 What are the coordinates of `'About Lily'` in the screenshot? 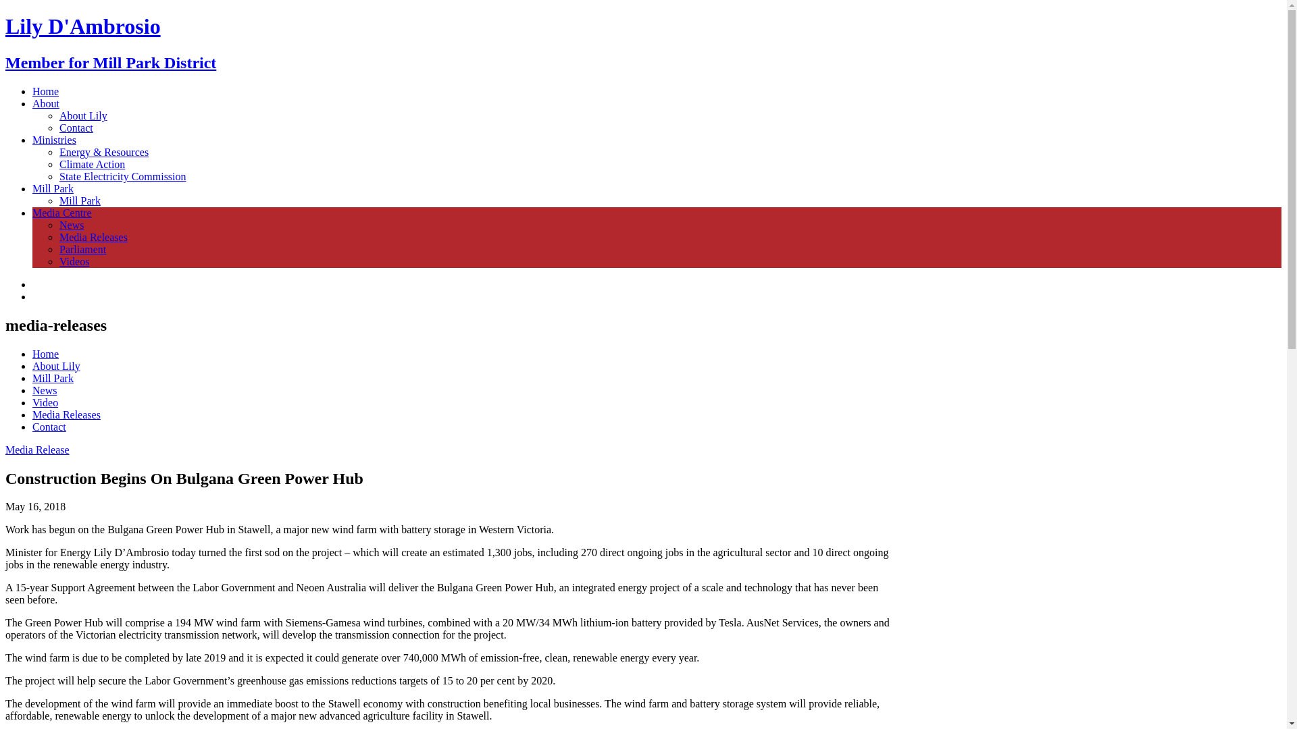 It's located at (55, 366).